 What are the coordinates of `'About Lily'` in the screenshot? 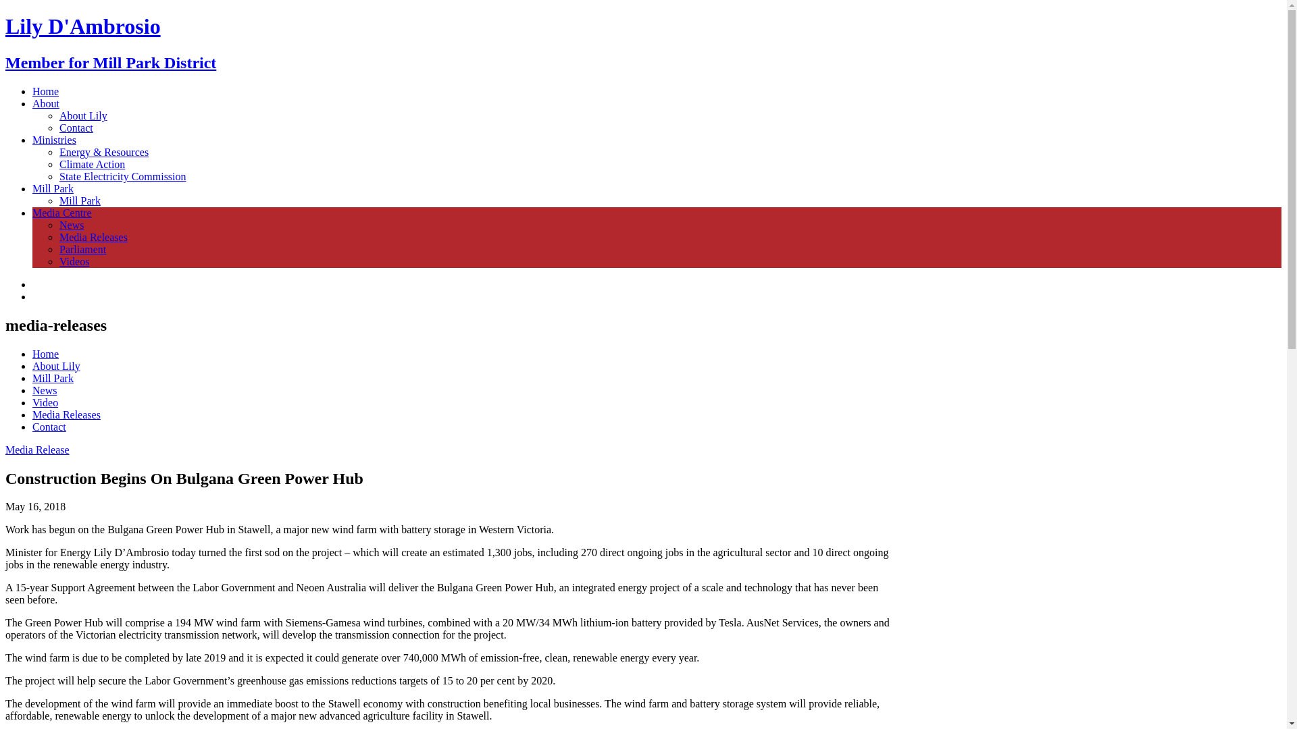 It's located at (55, 366).